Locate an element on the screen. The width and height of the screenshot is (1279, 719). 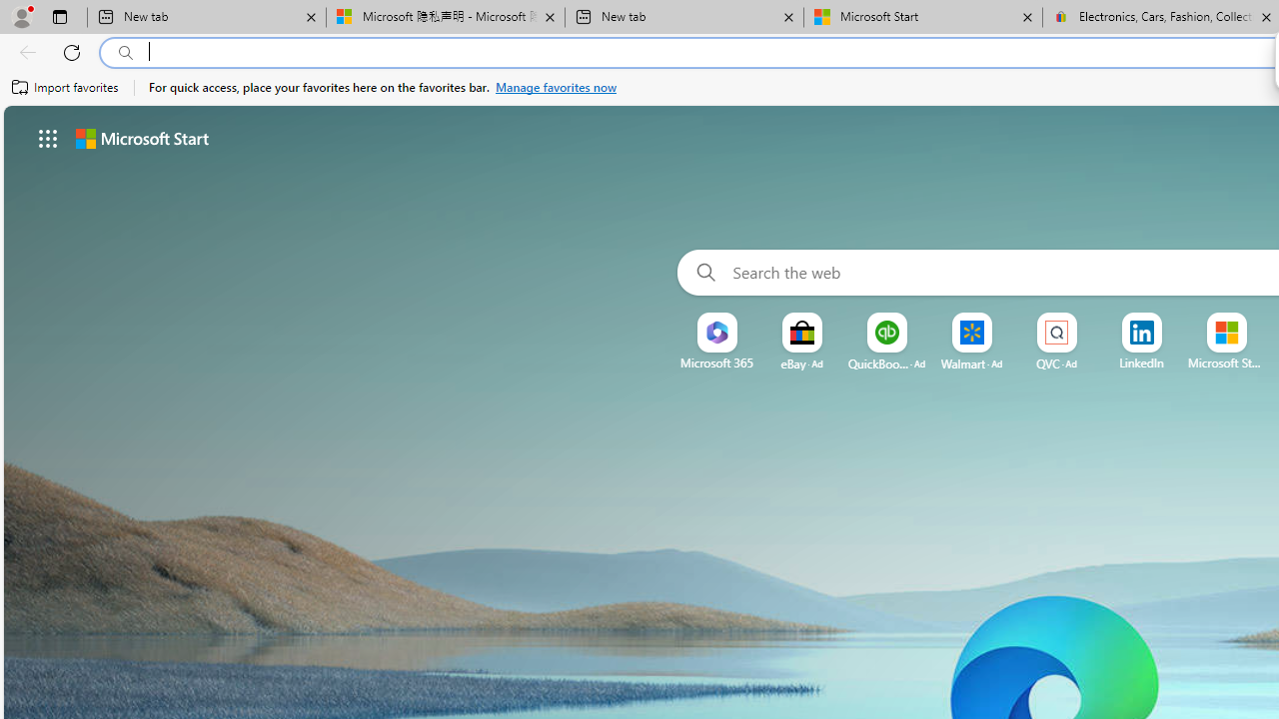
'Manage favorites now' is located at coordinates (556, 87).